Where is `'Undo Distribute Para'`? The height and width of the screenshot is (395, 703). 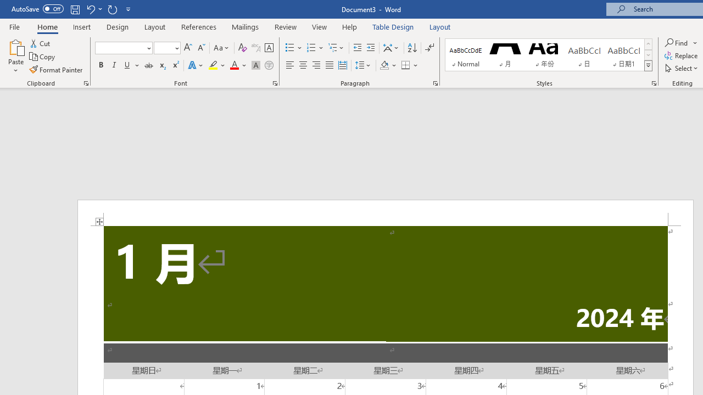 'Undo Distribute Para' is located at coordinates (93, 9).